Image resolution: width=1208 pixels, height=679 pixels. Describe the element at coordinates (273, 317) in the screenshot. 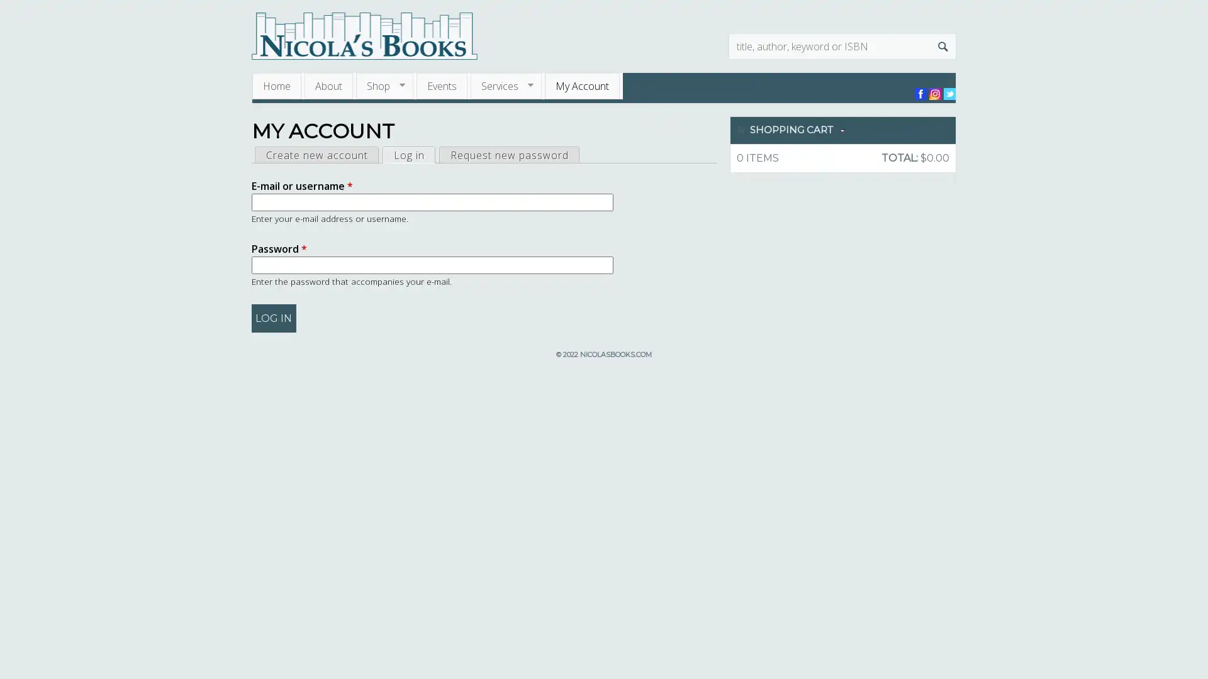

I see `Log in` at that location.